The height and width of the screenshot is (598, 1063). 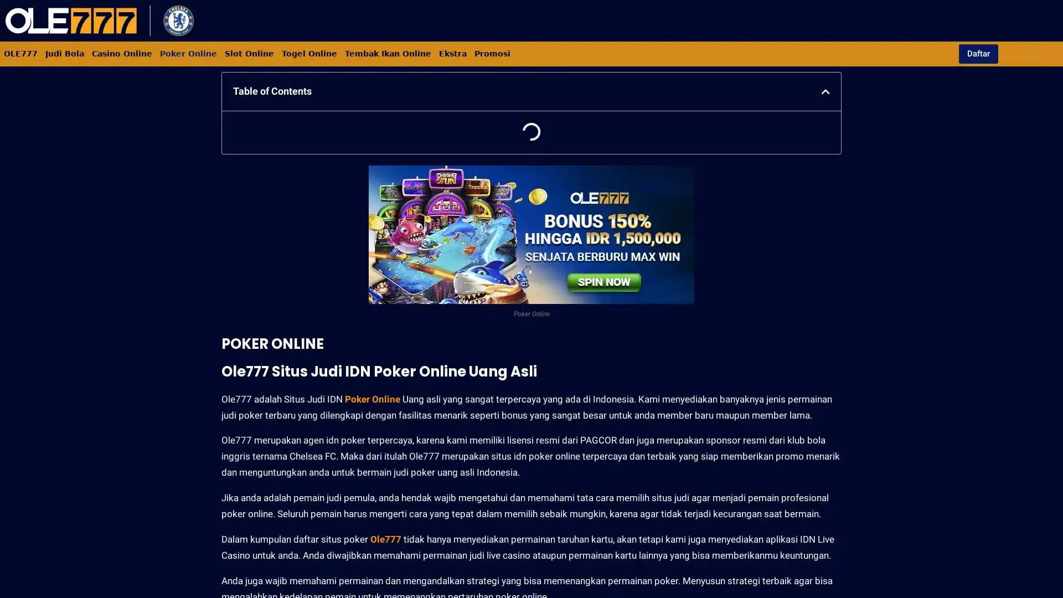 I want to click on Daftar, so click(x=978, y=53).